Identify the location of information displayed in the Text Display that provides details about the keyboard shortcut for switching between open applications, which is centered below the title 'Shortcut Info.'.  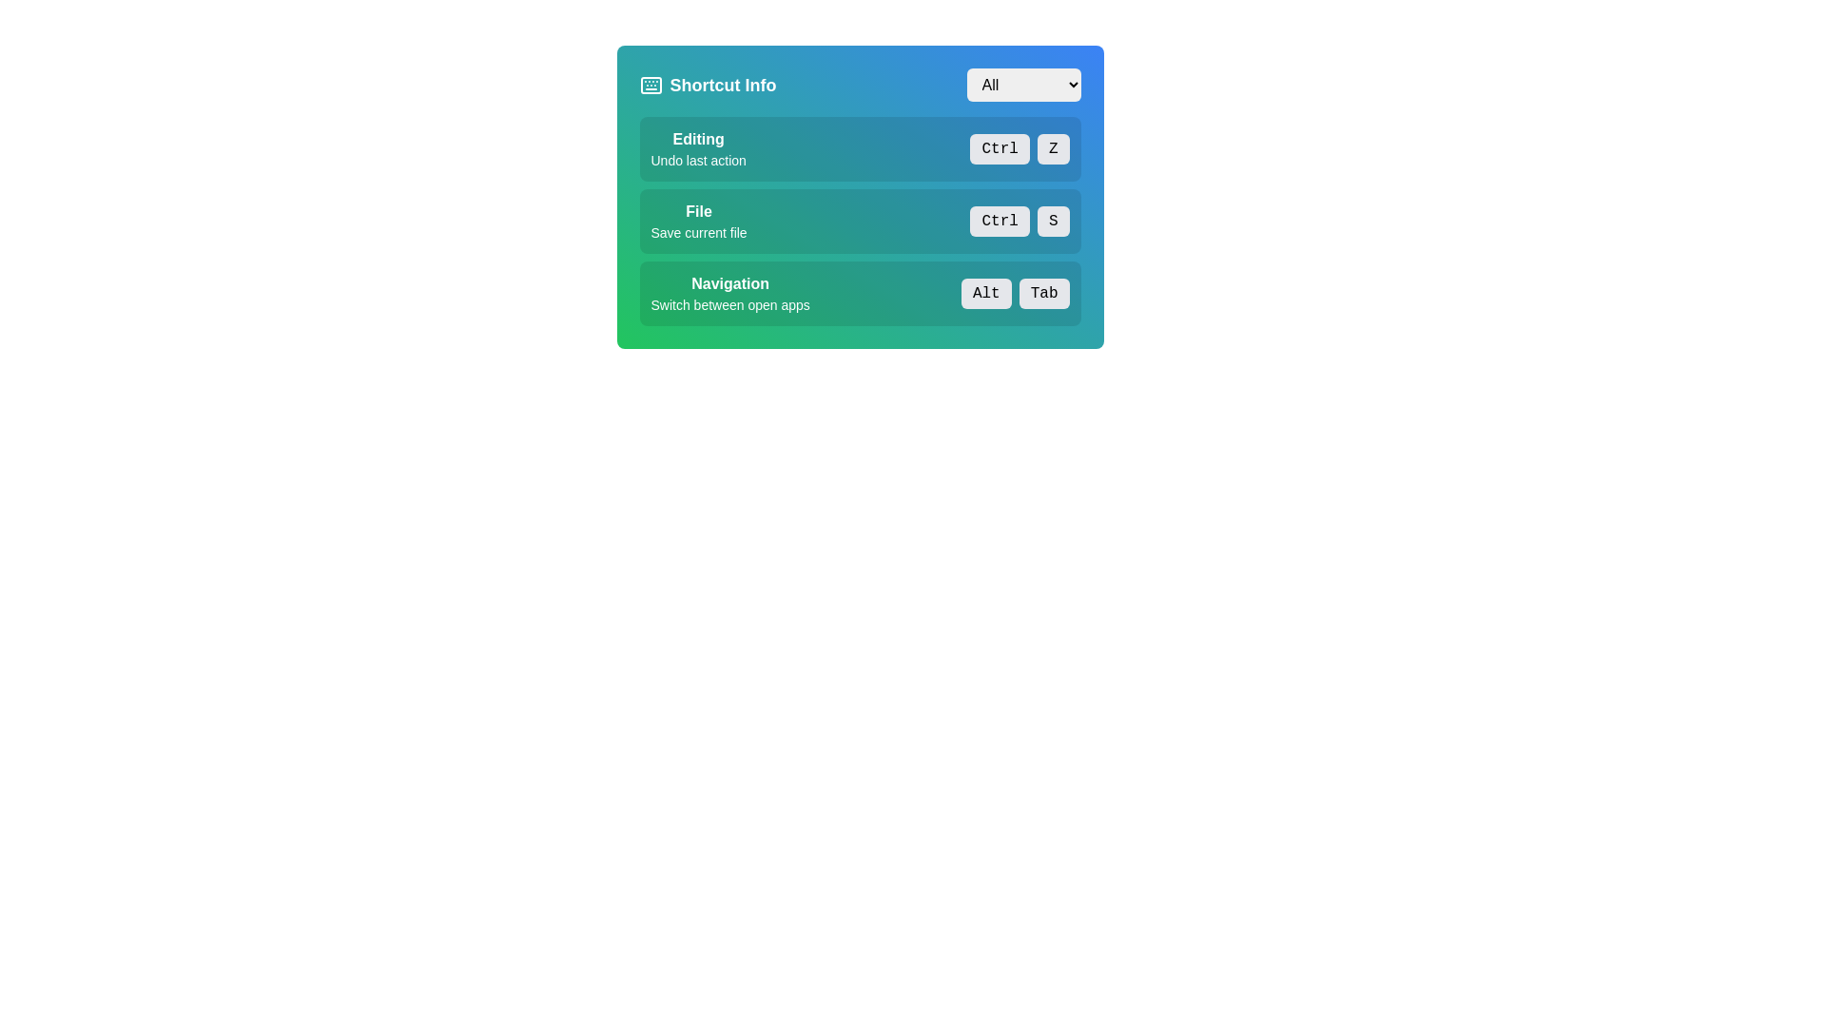
(729, 293).